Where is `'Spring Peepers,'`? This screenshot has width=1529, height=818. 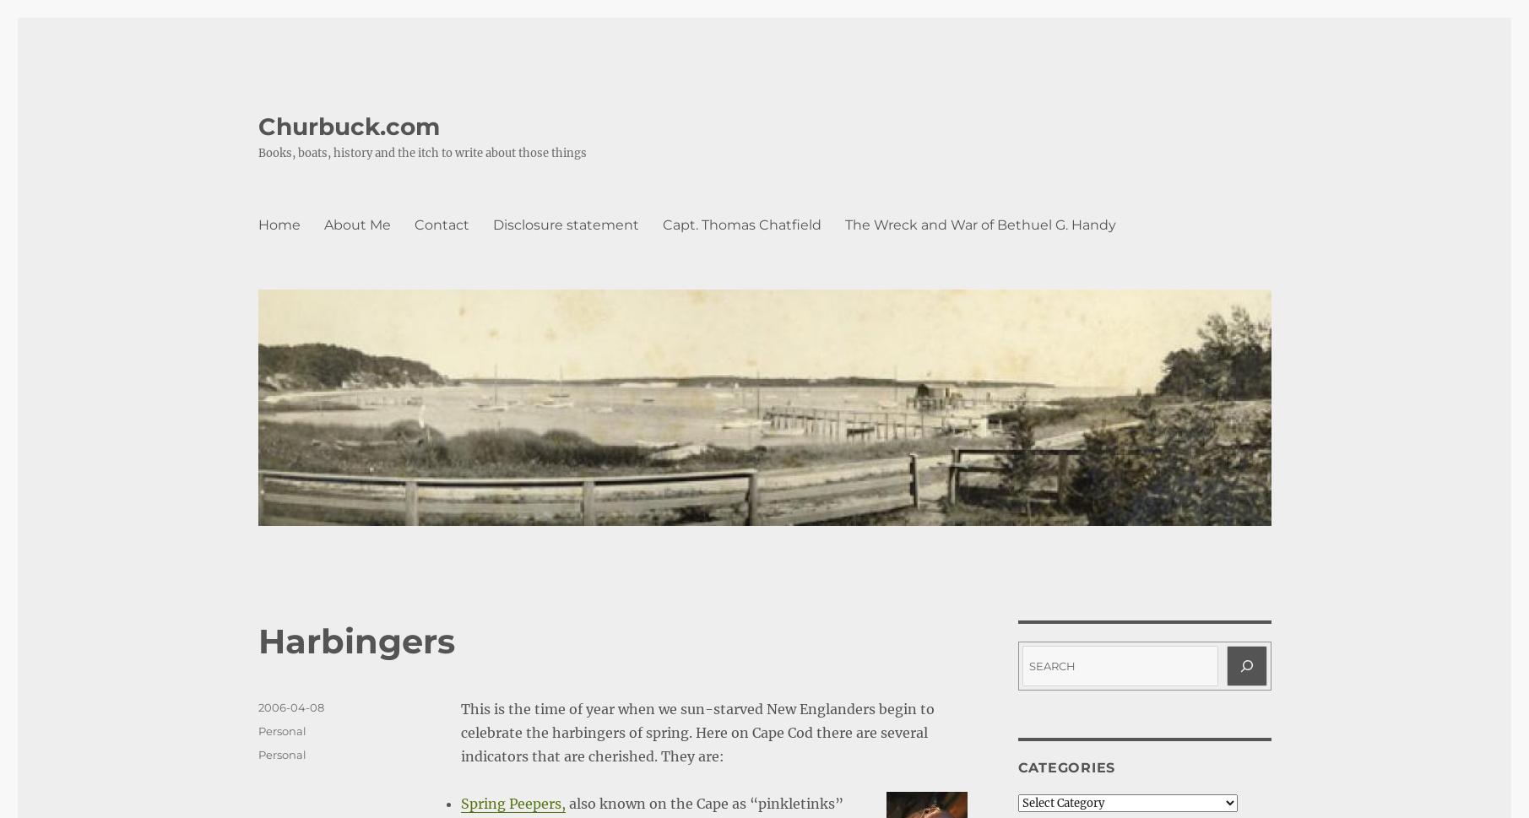
'Spring Peepers,' is located at coordinates (512, 803).